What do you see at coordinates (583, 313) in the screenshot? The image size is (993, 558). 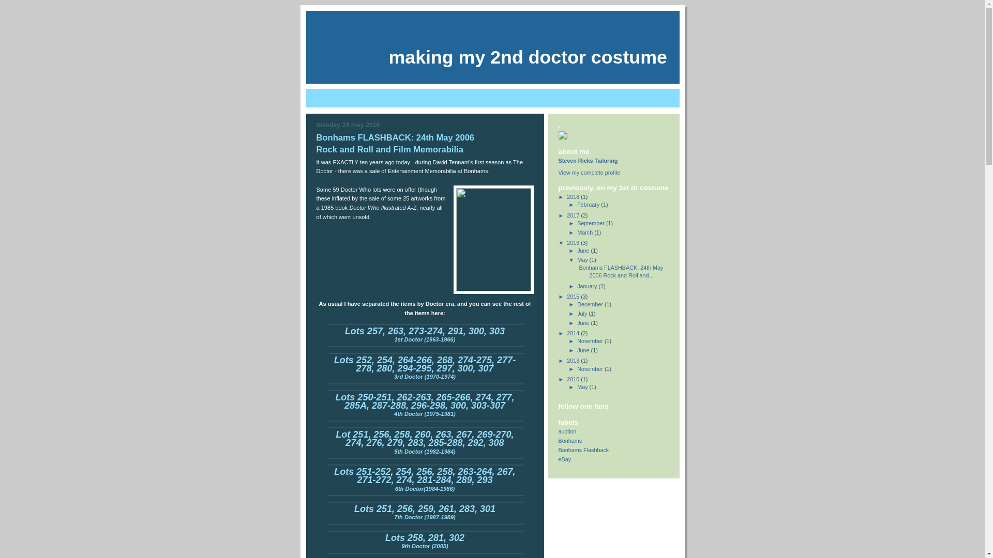 I see `'July'` at bounding box center [583, 313].